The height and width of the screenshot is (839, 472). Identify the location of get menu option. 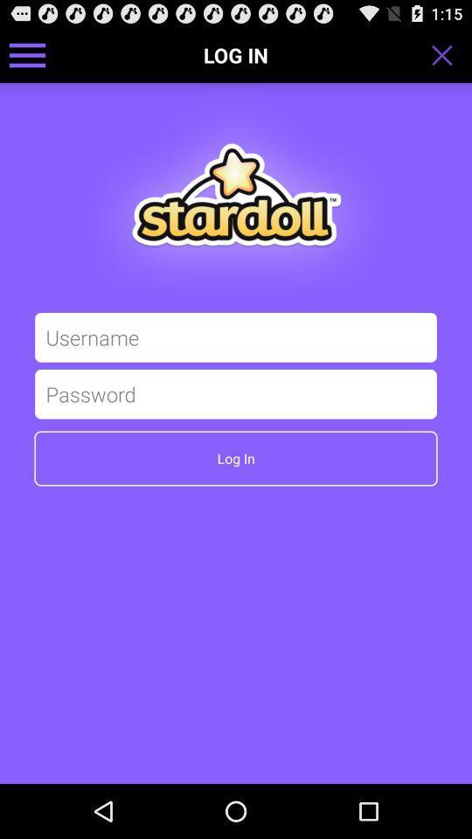
(26, 54).